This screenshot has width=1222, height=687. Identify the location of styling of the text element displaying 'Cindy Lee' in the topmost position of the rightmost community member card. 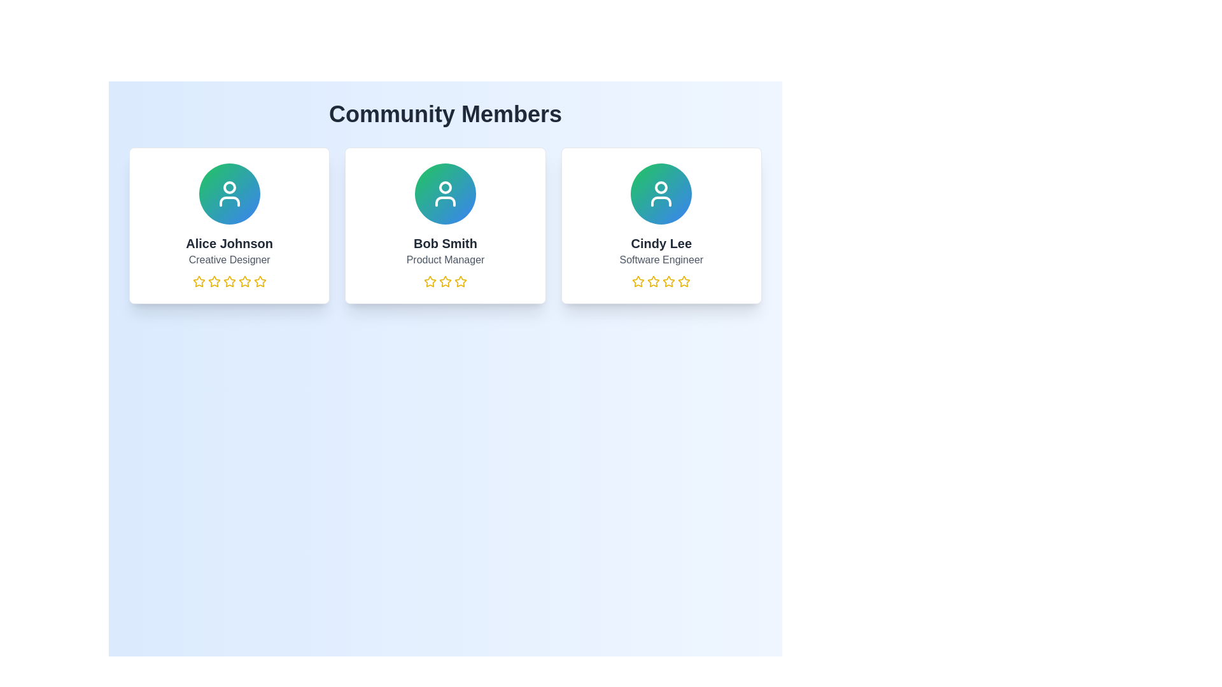
(661, 243).